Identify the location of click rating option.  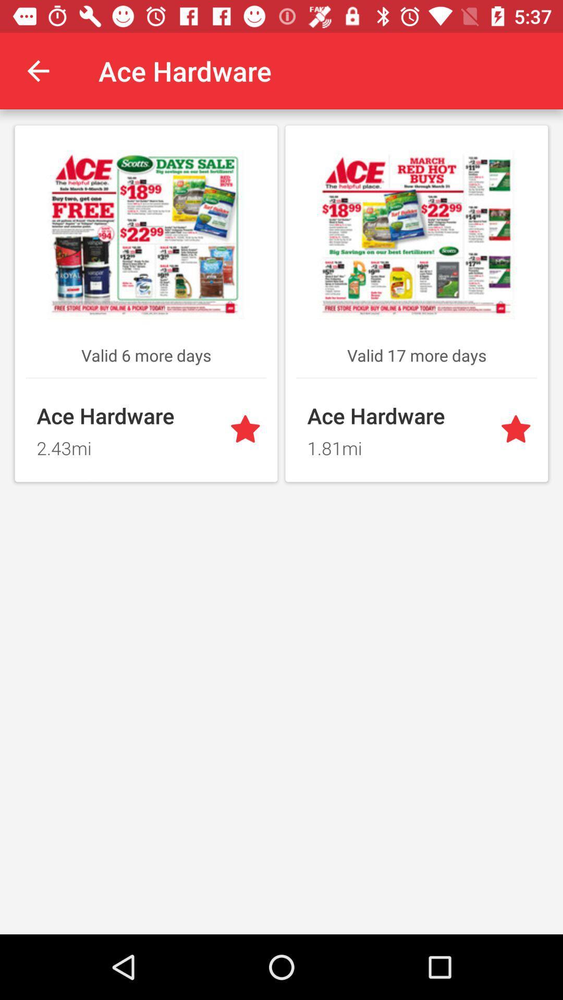
(247, 430).